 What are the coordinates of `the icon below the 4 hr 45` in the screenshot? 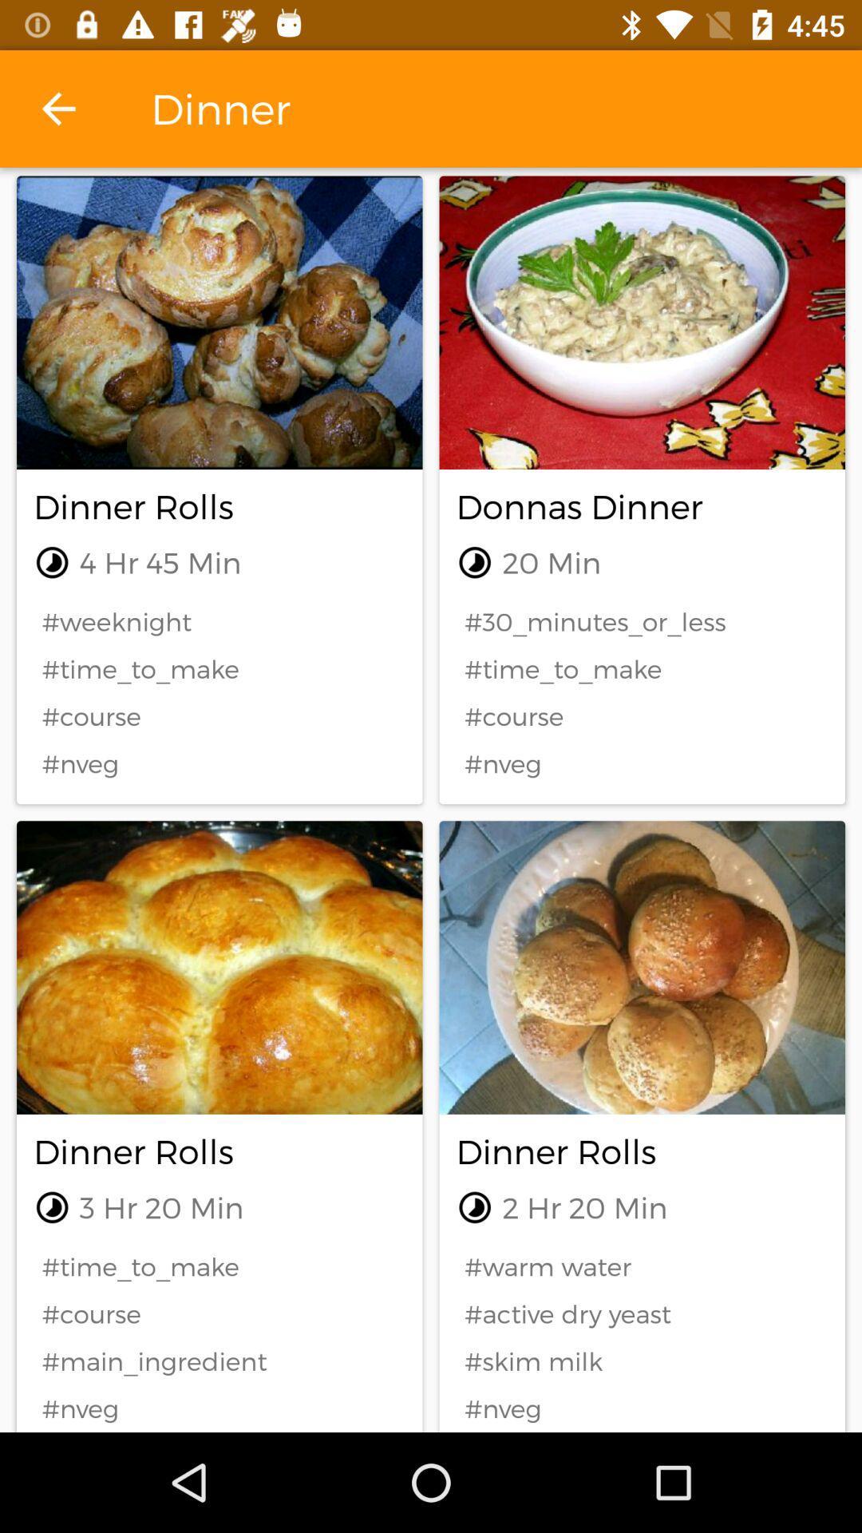 It's located at (219, 620).